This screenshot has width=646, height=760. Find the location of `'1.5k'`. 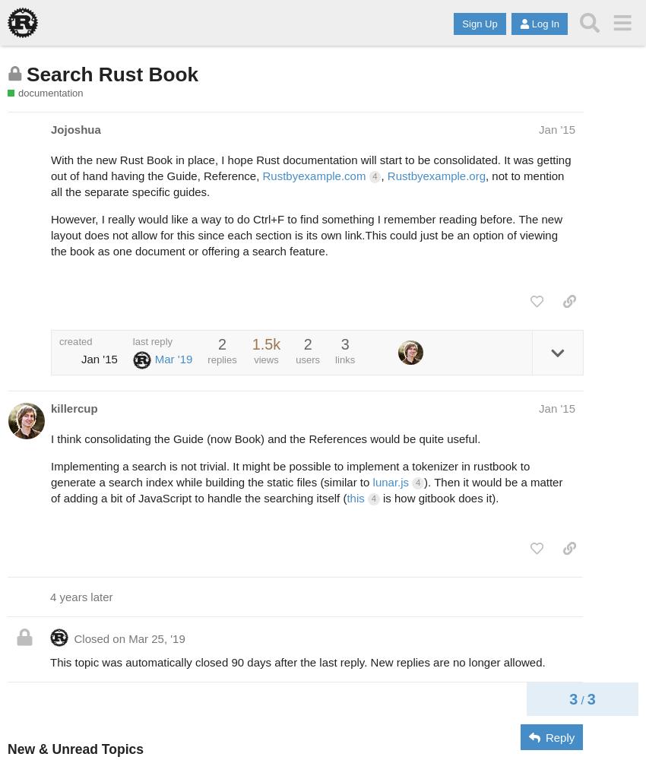

'1.5k' is located at coordinates (265, 344).